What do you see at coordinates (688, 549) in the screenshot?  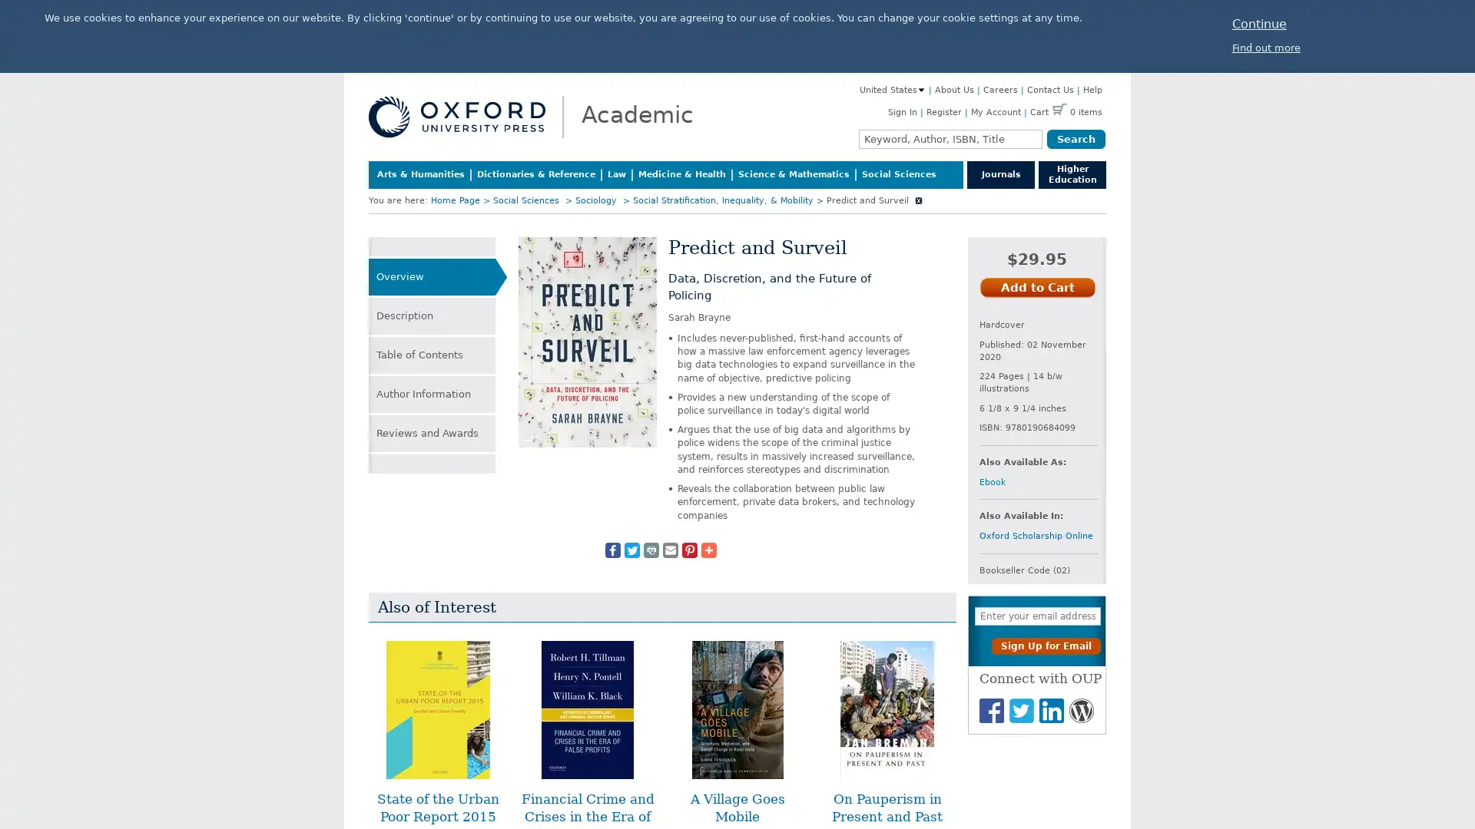 I see `Share to Pinterest` at bounding box center [688, 549].